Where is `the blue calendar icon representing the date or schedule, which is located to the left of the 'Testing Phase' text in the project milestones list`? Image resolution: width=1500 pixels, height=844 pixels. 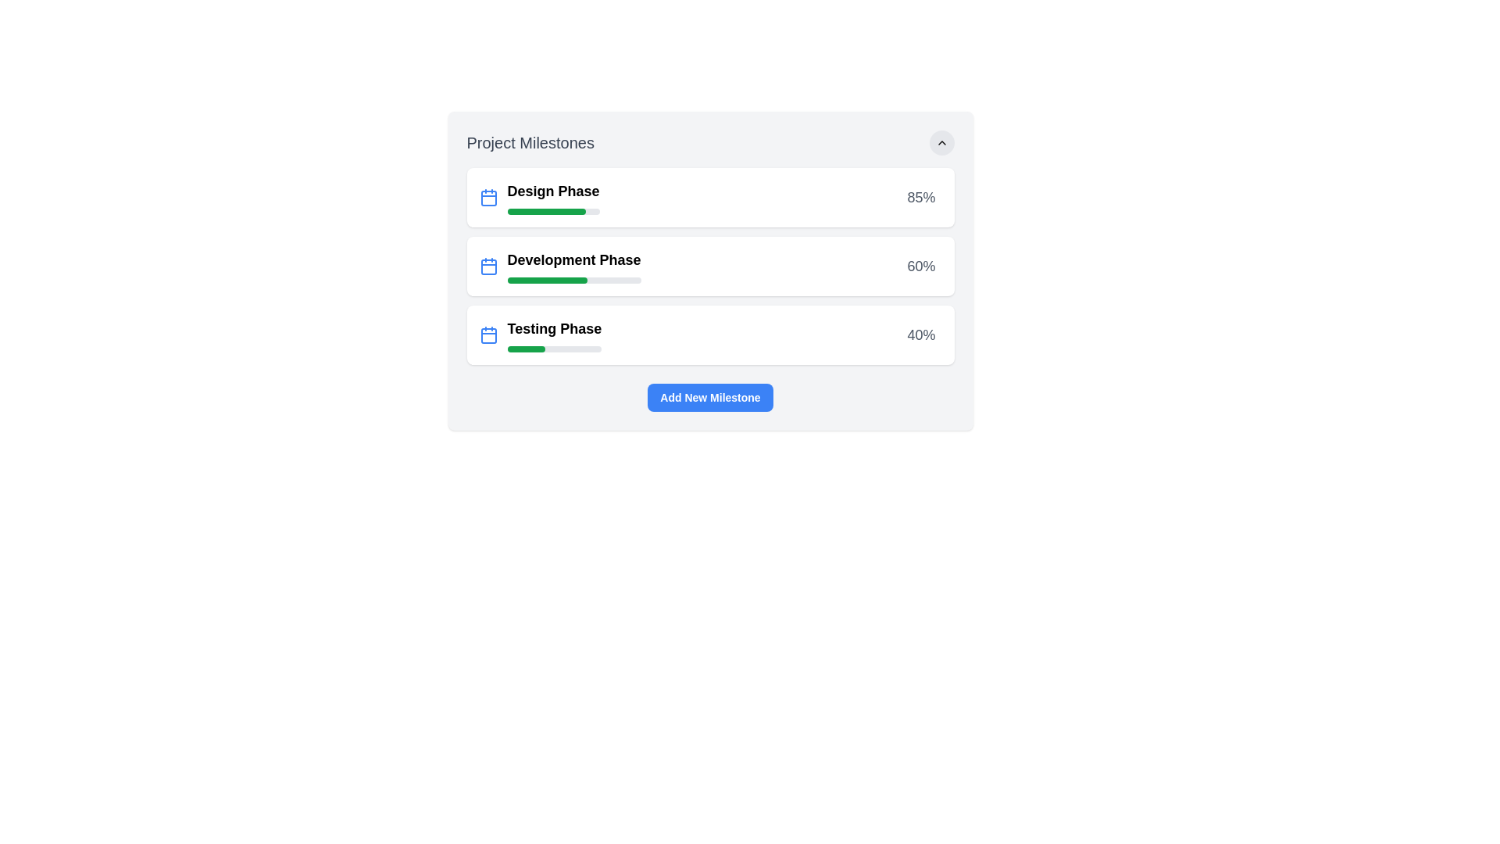 the blue calendar icon representing the date or schedule, which is located to the left of the 'Testing Phase' text in the project milestones list is located at coordinates (487, 334).